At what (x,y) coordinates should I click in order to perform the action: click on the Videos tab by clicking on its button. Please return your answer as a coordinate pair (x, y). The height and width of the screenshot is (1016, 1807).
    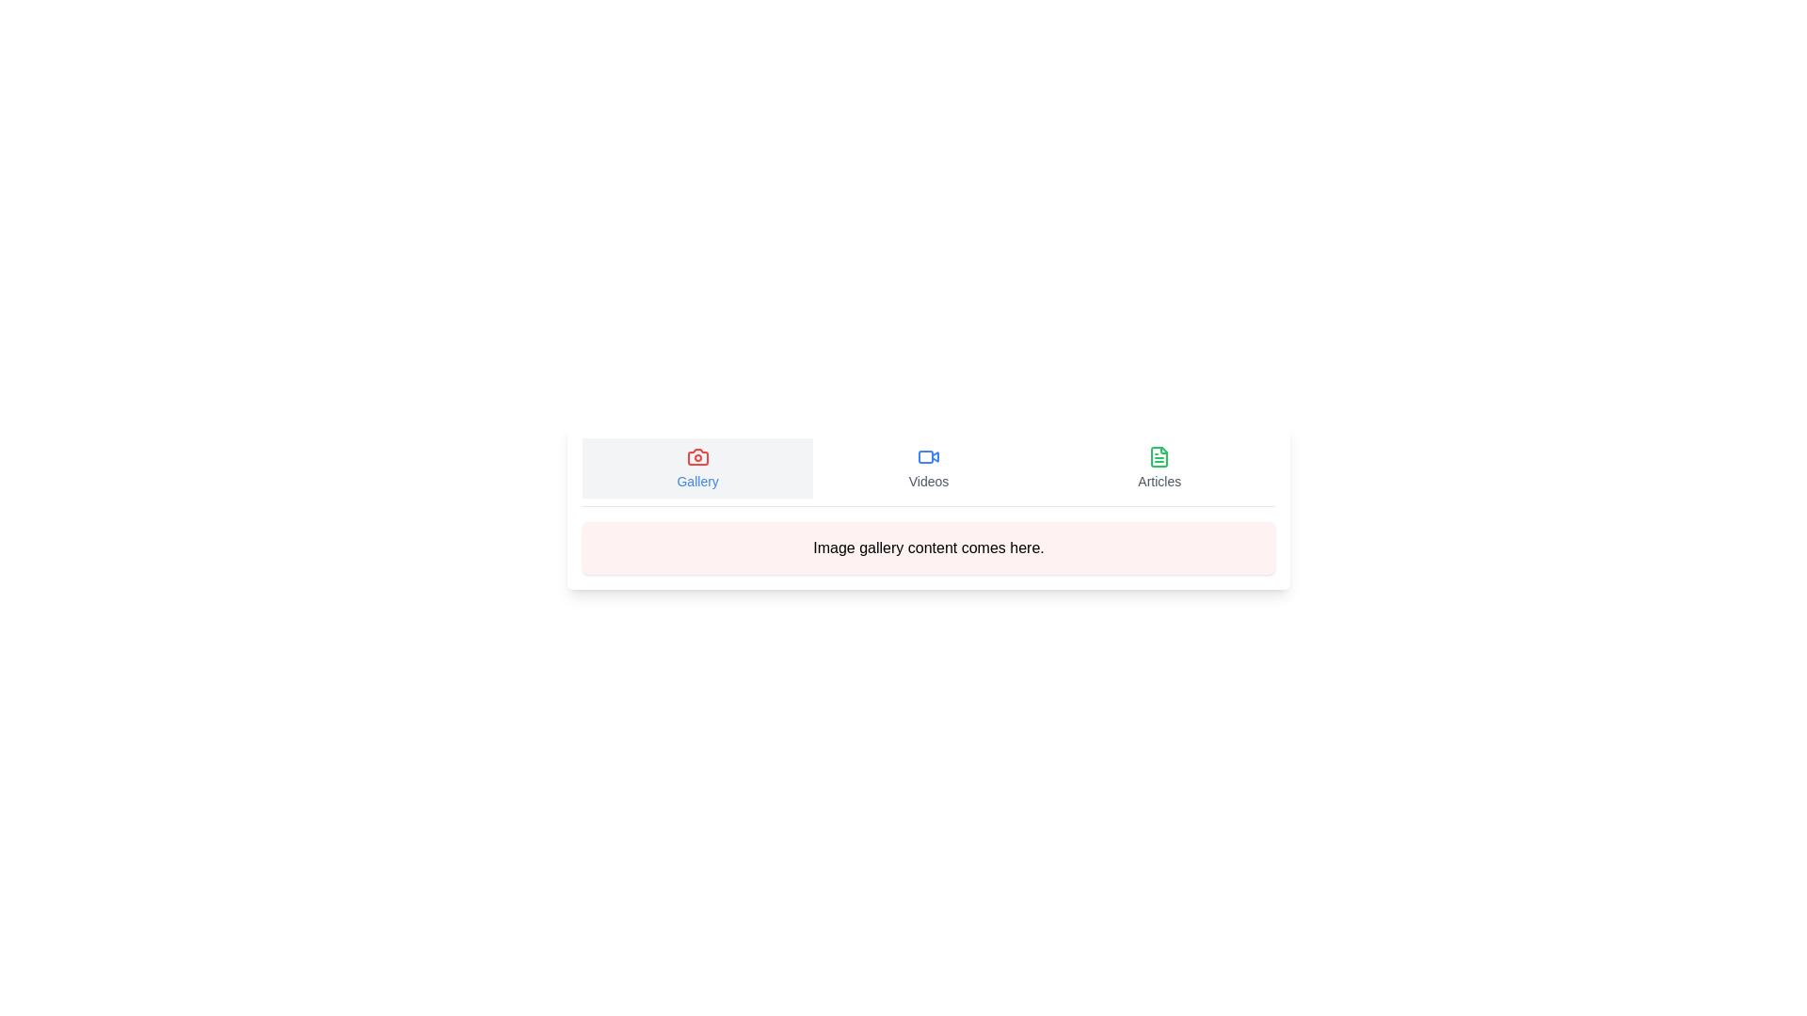
    Looking at the image, I should click on (929, 467).